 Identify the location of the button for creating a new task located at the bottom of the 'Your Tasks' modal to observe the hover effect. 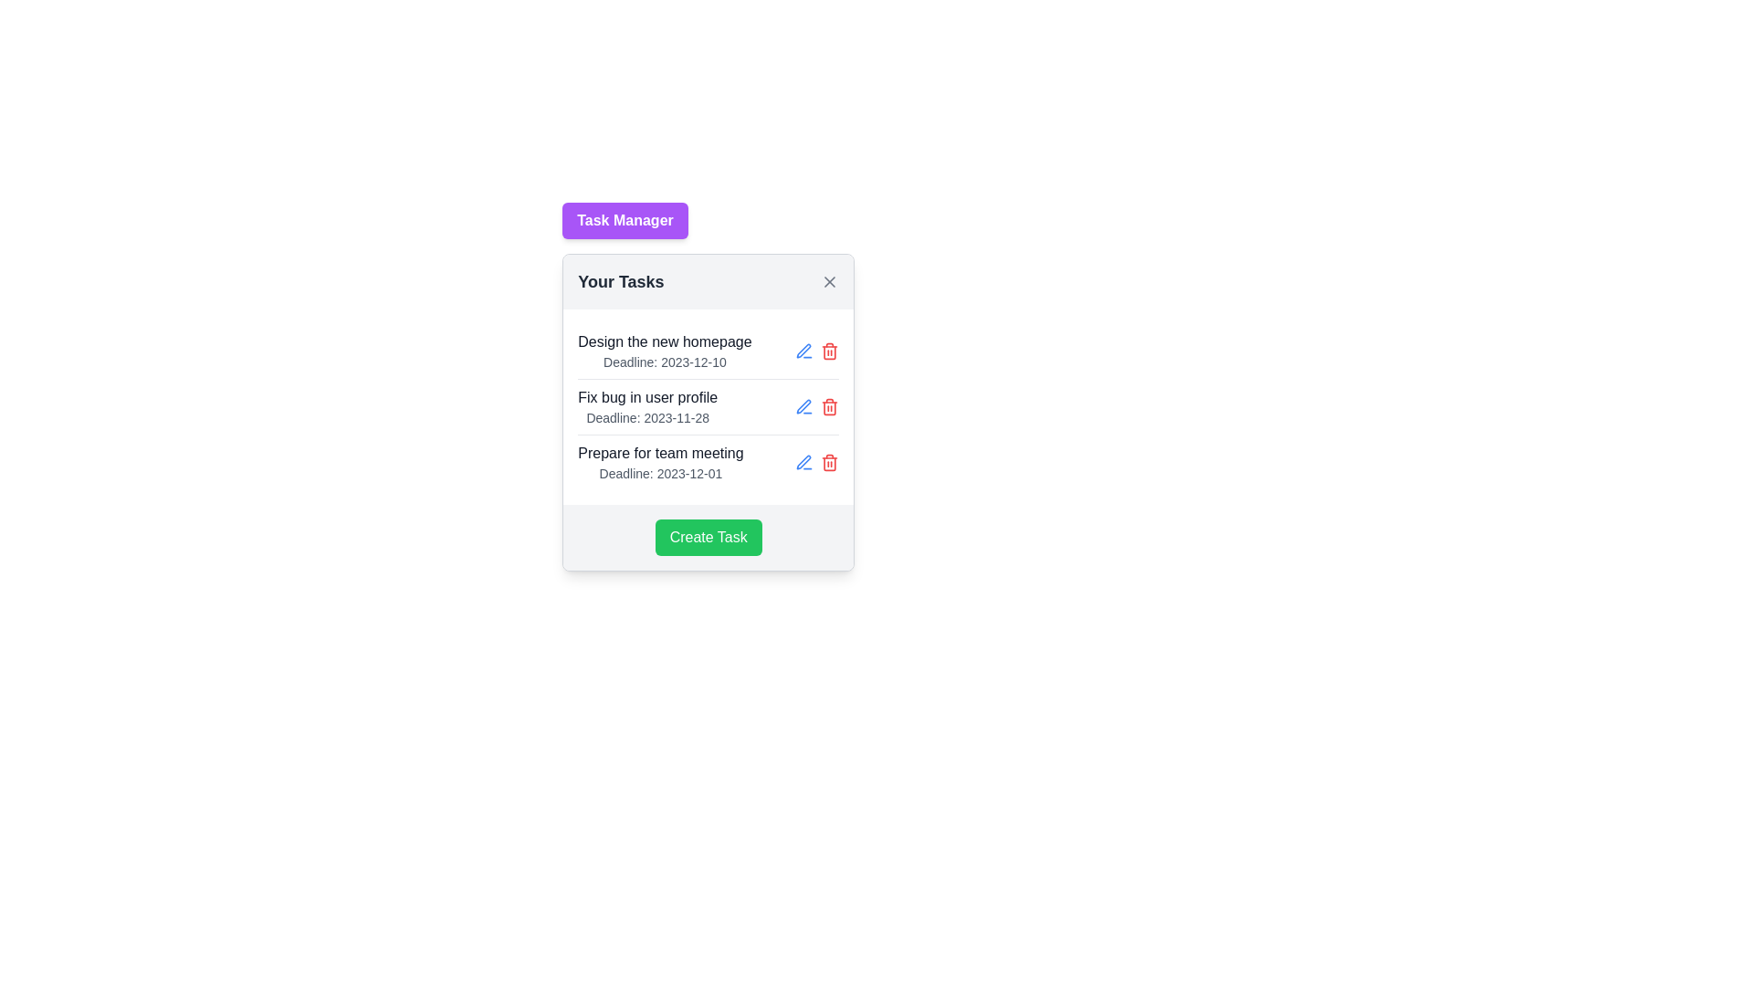
(708, 537).